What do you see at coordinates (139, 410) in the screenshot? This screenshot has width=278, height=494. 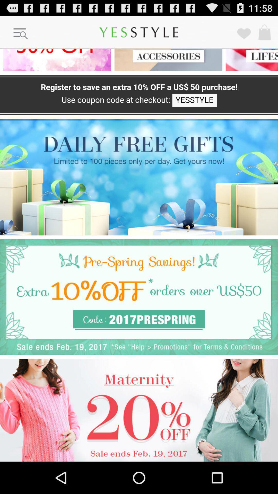 I see `advertisement page` at bounding box center [139, 410].